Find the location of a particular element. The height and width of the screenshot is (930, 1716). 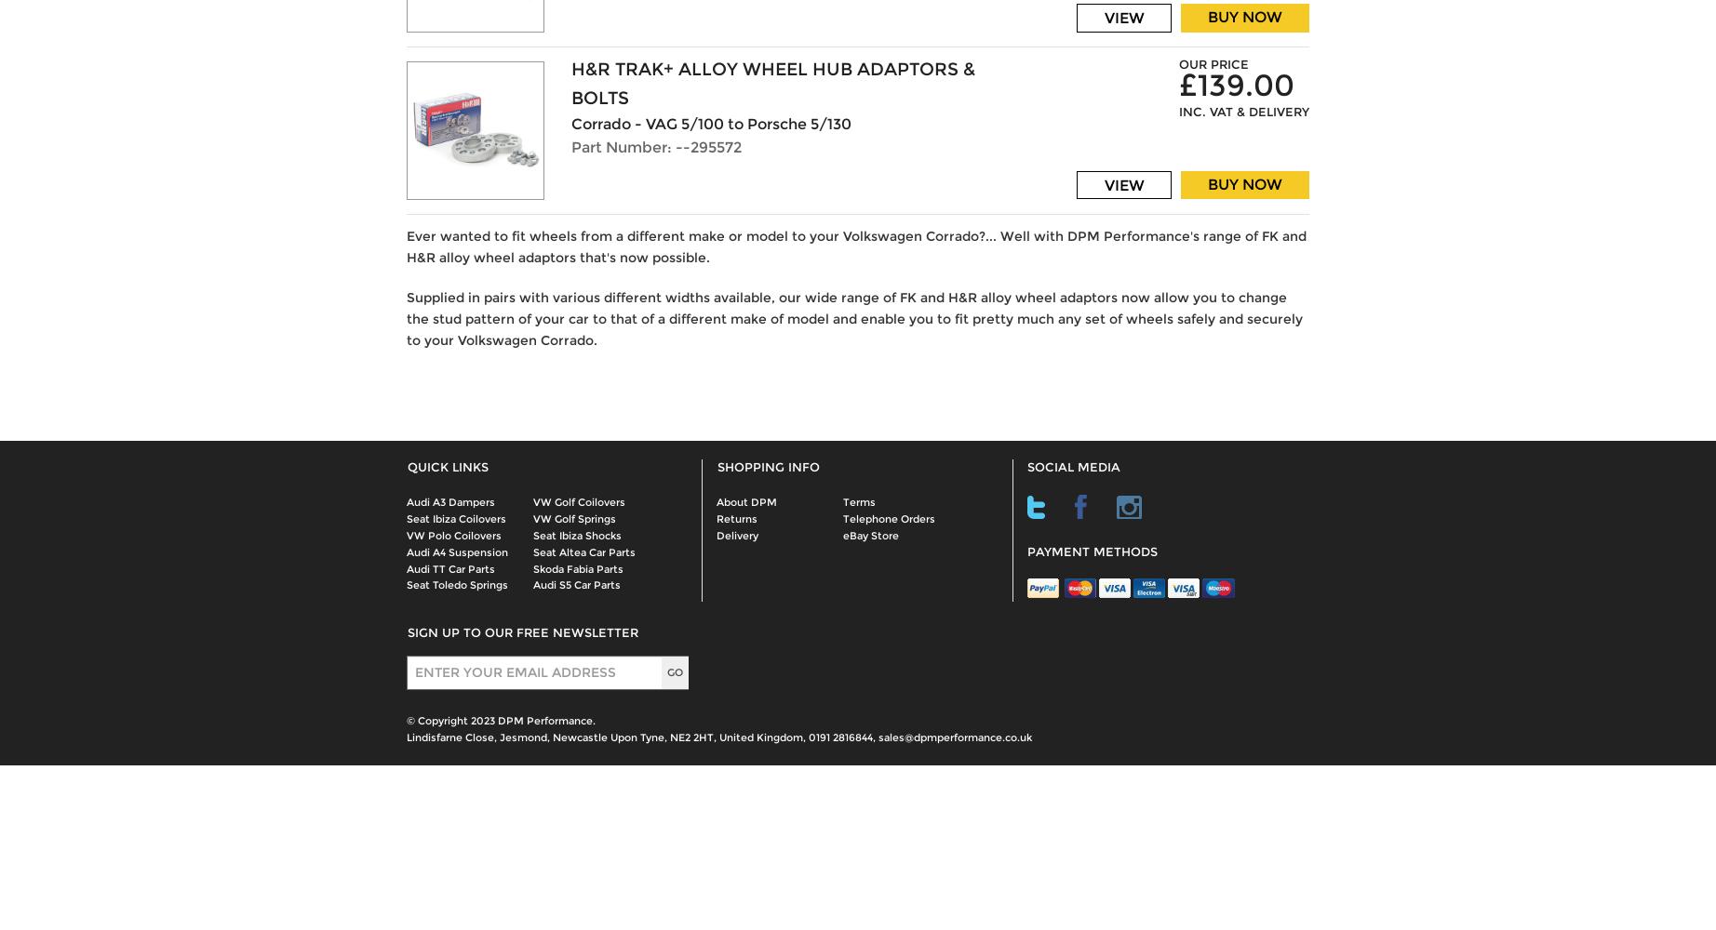

'© Copyright 2023 DPM Performance.' is located at coordinates (501, 721).